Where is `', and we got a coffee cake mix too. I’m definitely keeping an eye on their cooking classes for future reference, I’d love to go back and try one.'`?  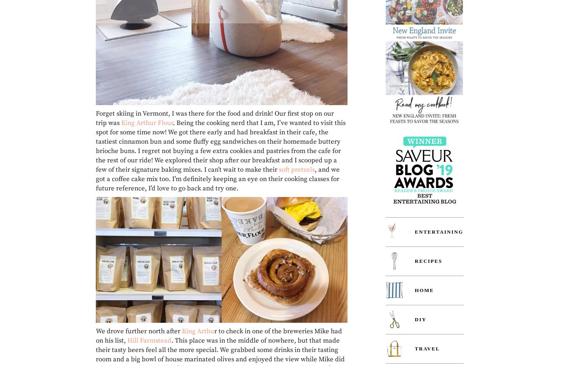
', and we got a coffee cake mix too. I’m definitely keeping an eye on their cooking classes for future reference, I’d love to go back and try one.' is located at coordinates (95, 178).